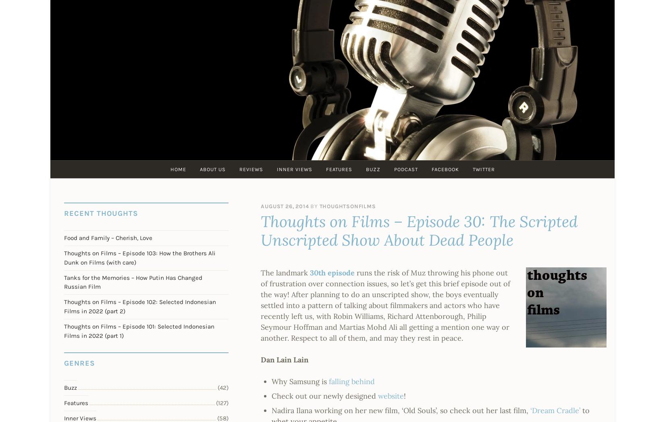 The width and height of the screenshot is (665, 422). What do you see at coordinates (217, 418) in the screenshot?
I see `'(58)'` at bounding box center [217, 418].